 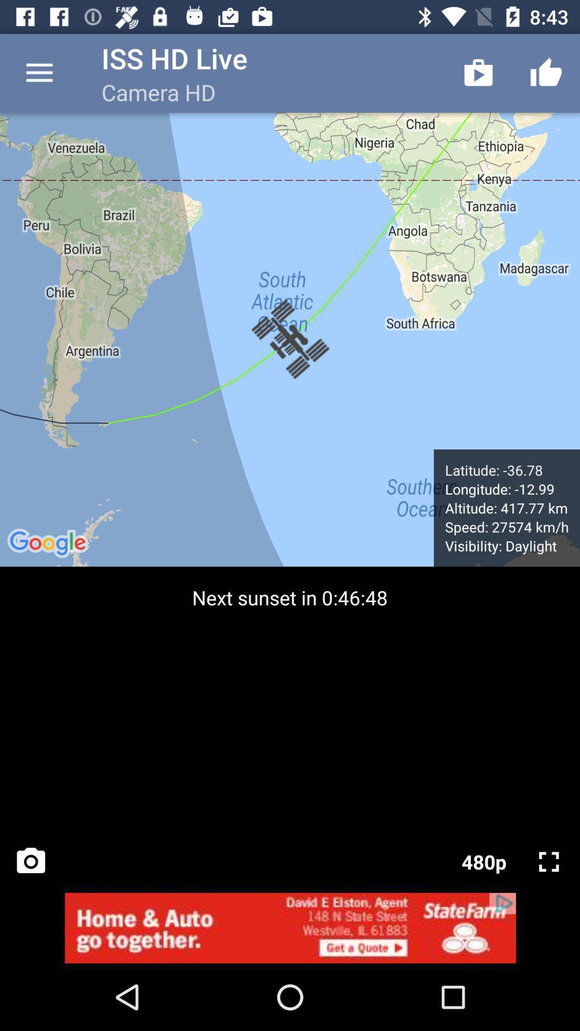 What do you see at coordinates (290, 927) in the screenshot?
I see `advertisement page` at bounding box center [290, 927].